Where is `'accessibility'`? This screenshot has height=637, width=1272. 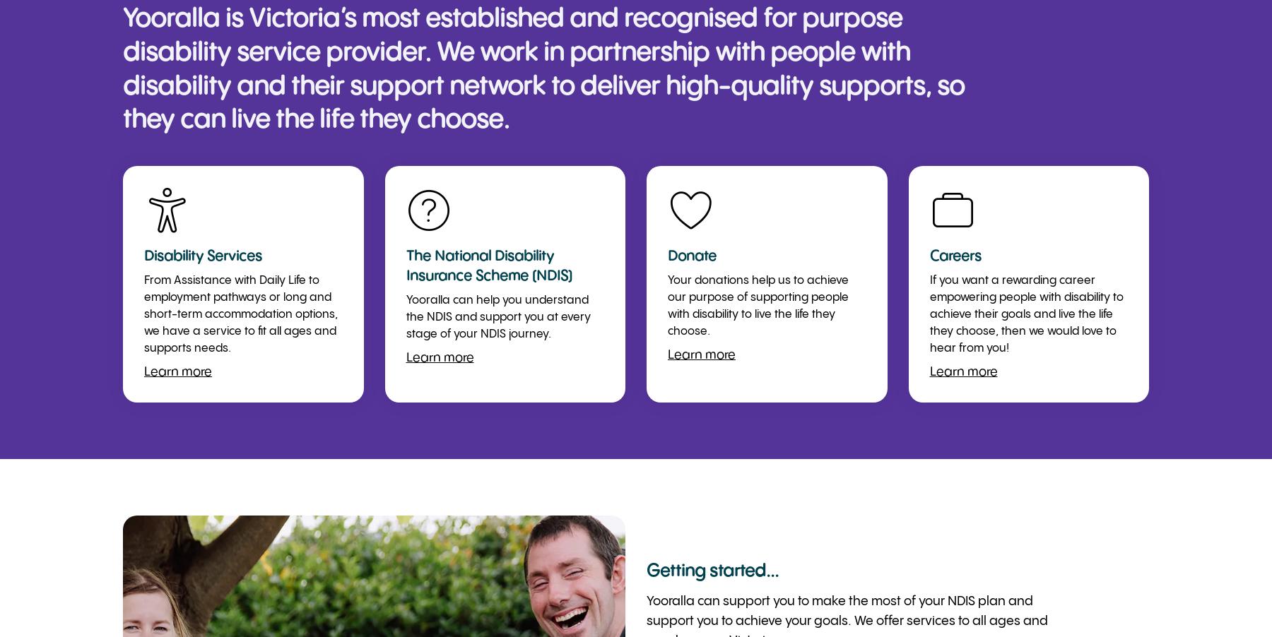
'accessibility' is located at coordinates (166, 210).